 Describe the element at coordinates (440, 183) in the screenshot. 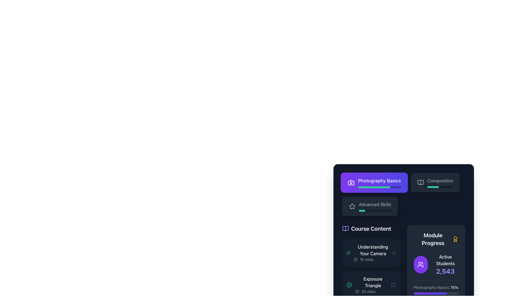

I see `the progress bar labeled 'Composition'` at that location.